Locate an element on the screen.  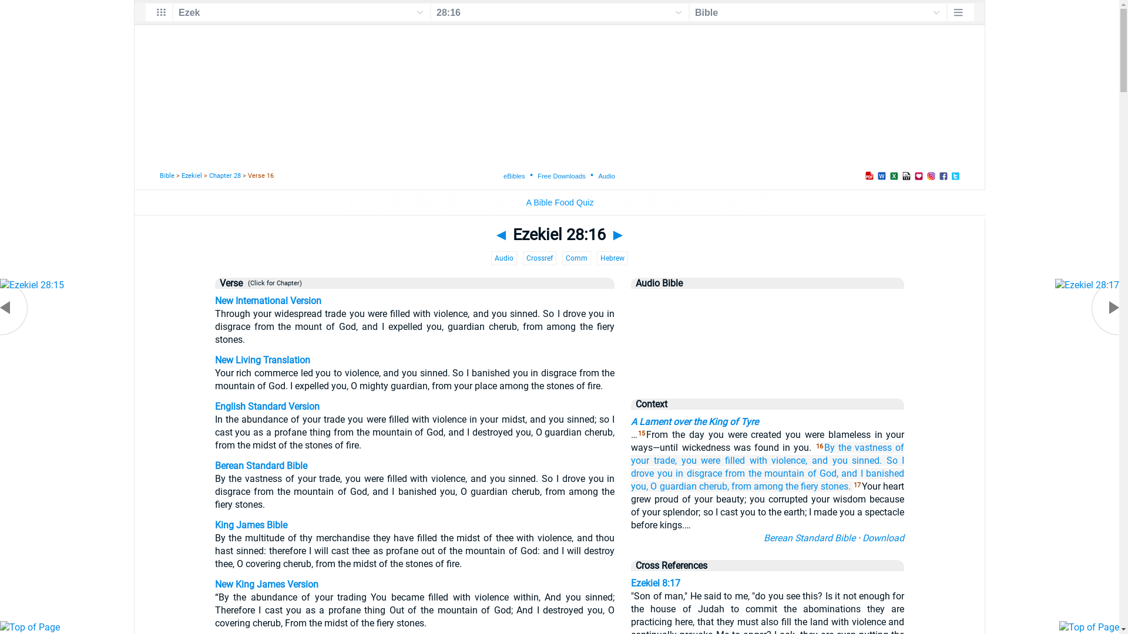
'Berean Standard Bible' is located at coordinates (808, 538).